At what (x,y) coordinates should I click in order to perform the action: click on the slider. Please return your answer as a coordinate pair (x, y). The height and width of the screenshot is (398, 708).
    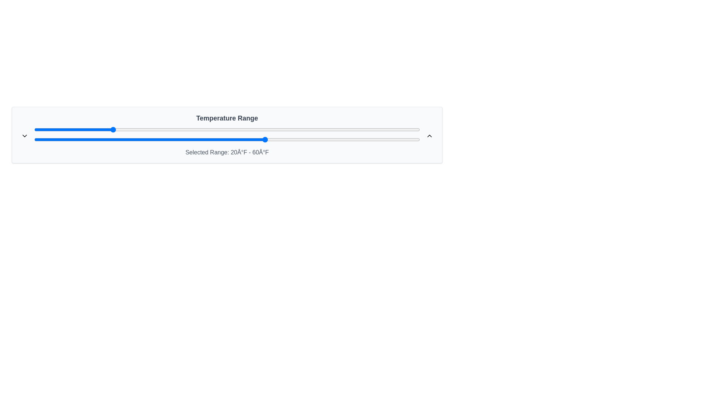
    Looking at the image, I should click on (269, 139).